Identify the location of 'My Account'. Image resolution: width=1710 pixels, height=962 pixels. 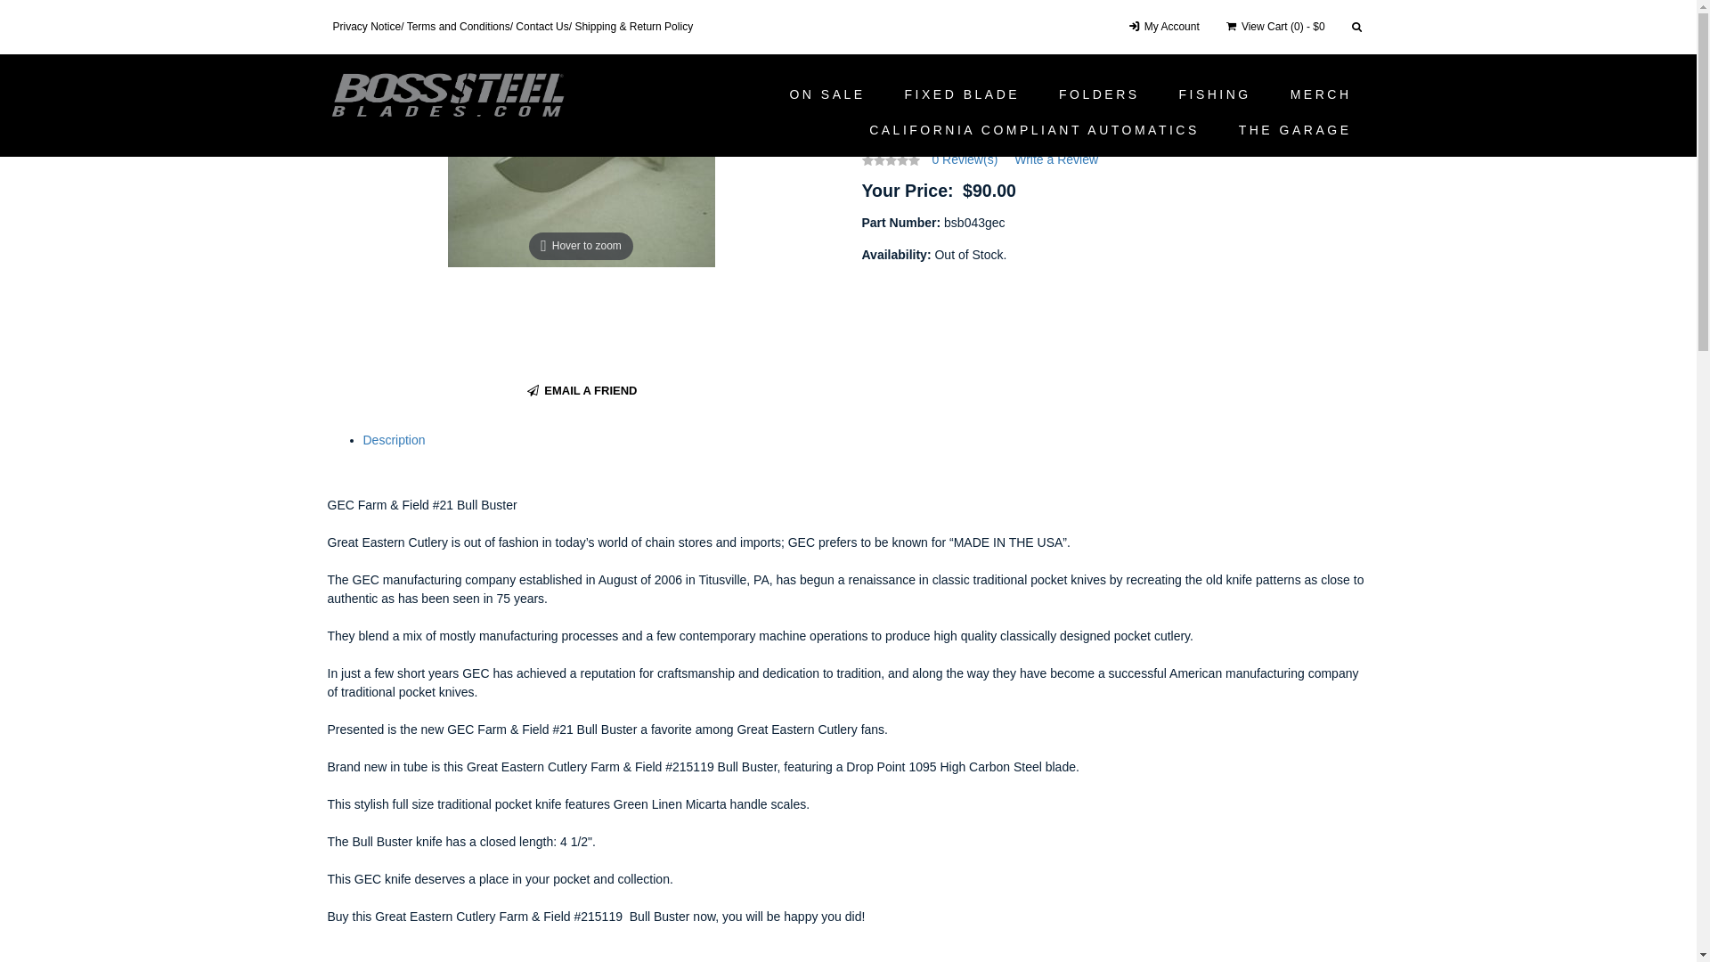
(1162, 27).